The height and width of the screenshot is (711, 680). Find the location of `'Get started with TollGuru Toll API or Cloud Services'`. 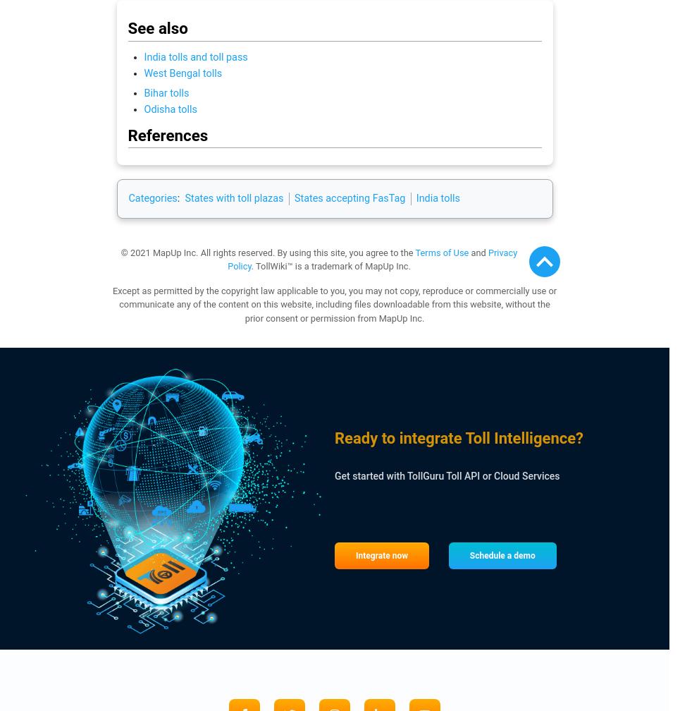

'Get started with TollGuru Toll API or Cloud Services' is located at coordinates (333, 475).